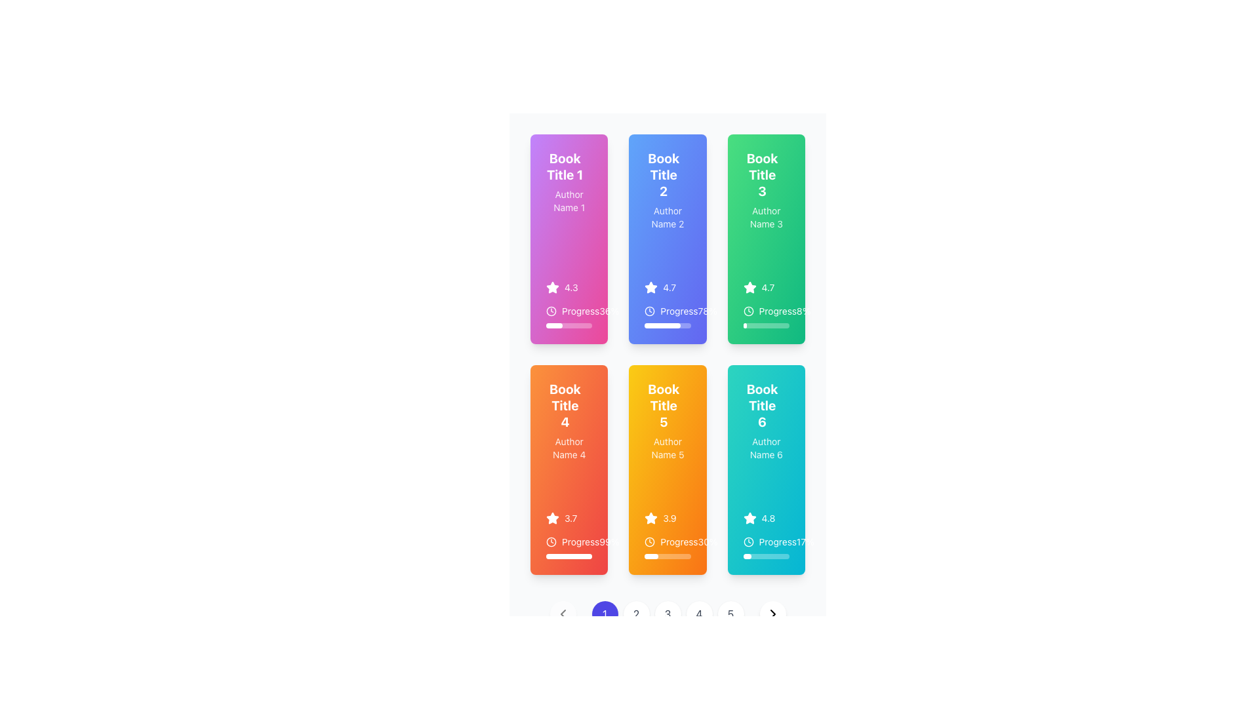 The image size is (1259, 708). Describe the element at coordinates (650, 311) in the screenshot. I see `the inner circular outline of the clock icon located beneath 'Book Title 2' and near the 'Progress78%' label` at that location.